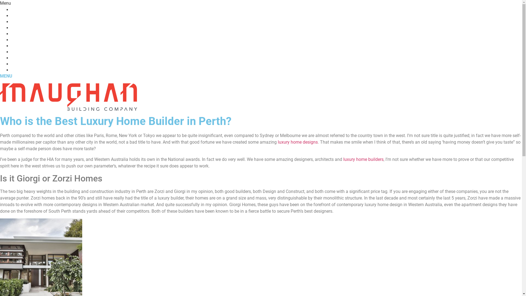 This screenshot has height=296, width=526. Describe the element at coordinates (363, 159) in the screenshot. I see `'luxury home builders'` at that location.